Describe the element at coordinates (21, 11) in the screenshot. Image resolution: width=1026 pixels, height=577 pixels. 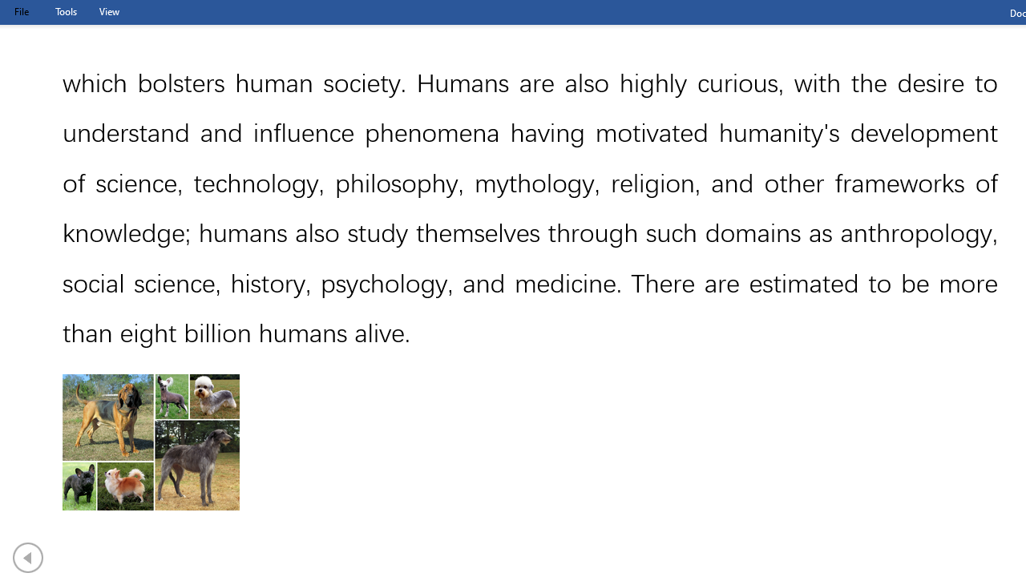
I see `'File Tab'` at that location.